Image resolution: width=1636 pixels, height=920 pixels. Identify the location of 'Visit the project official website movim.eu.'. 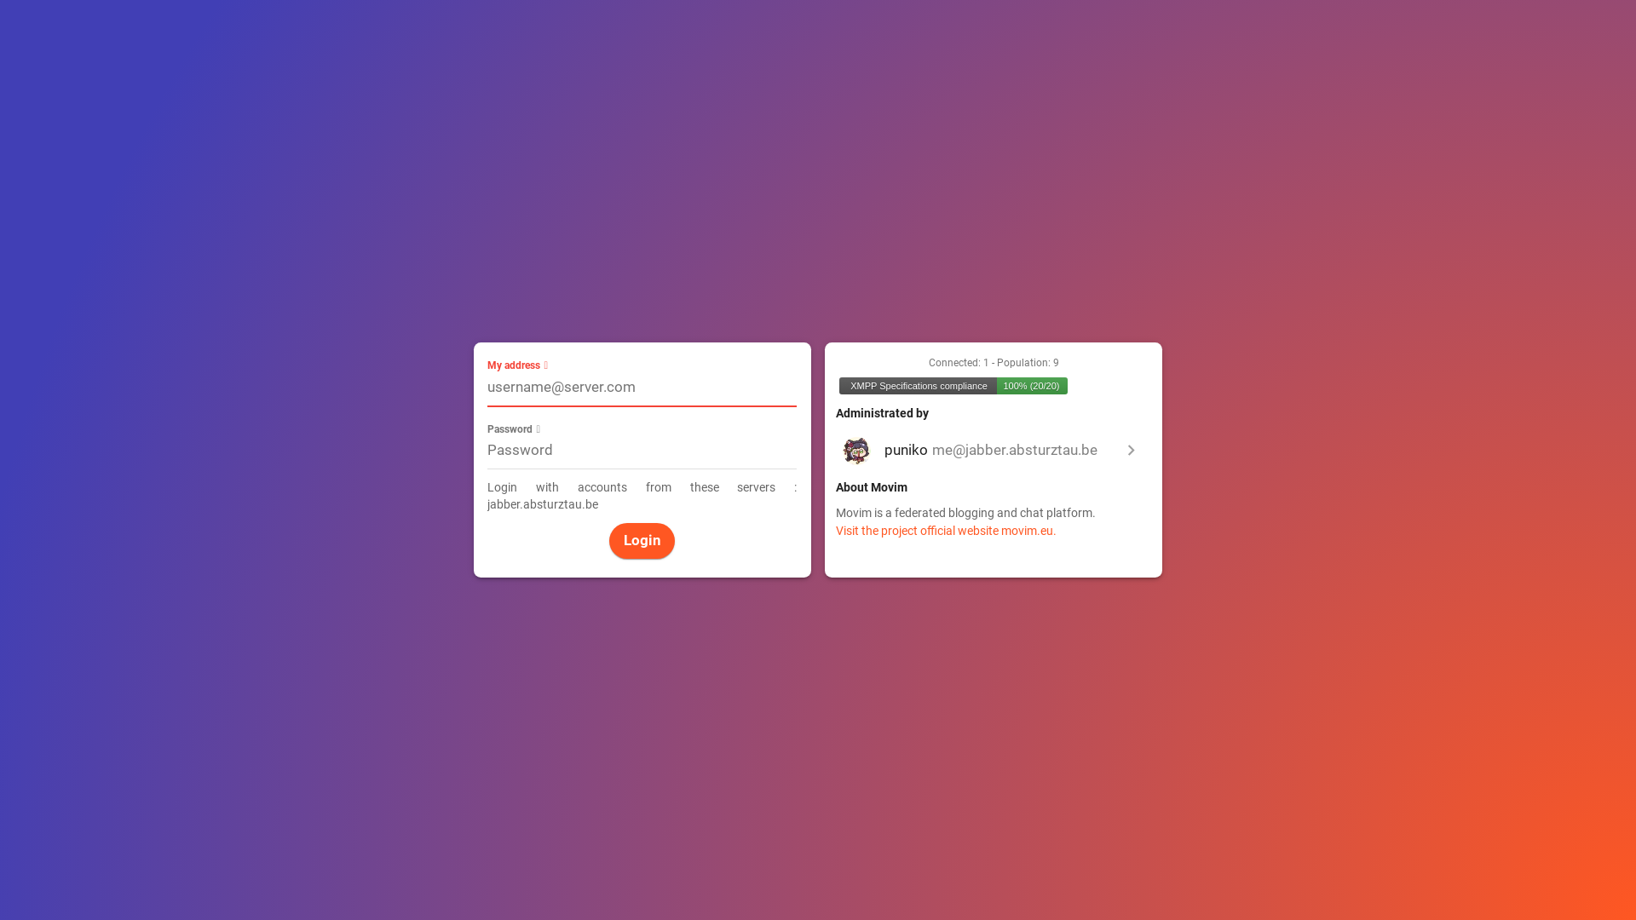
(945, 530).